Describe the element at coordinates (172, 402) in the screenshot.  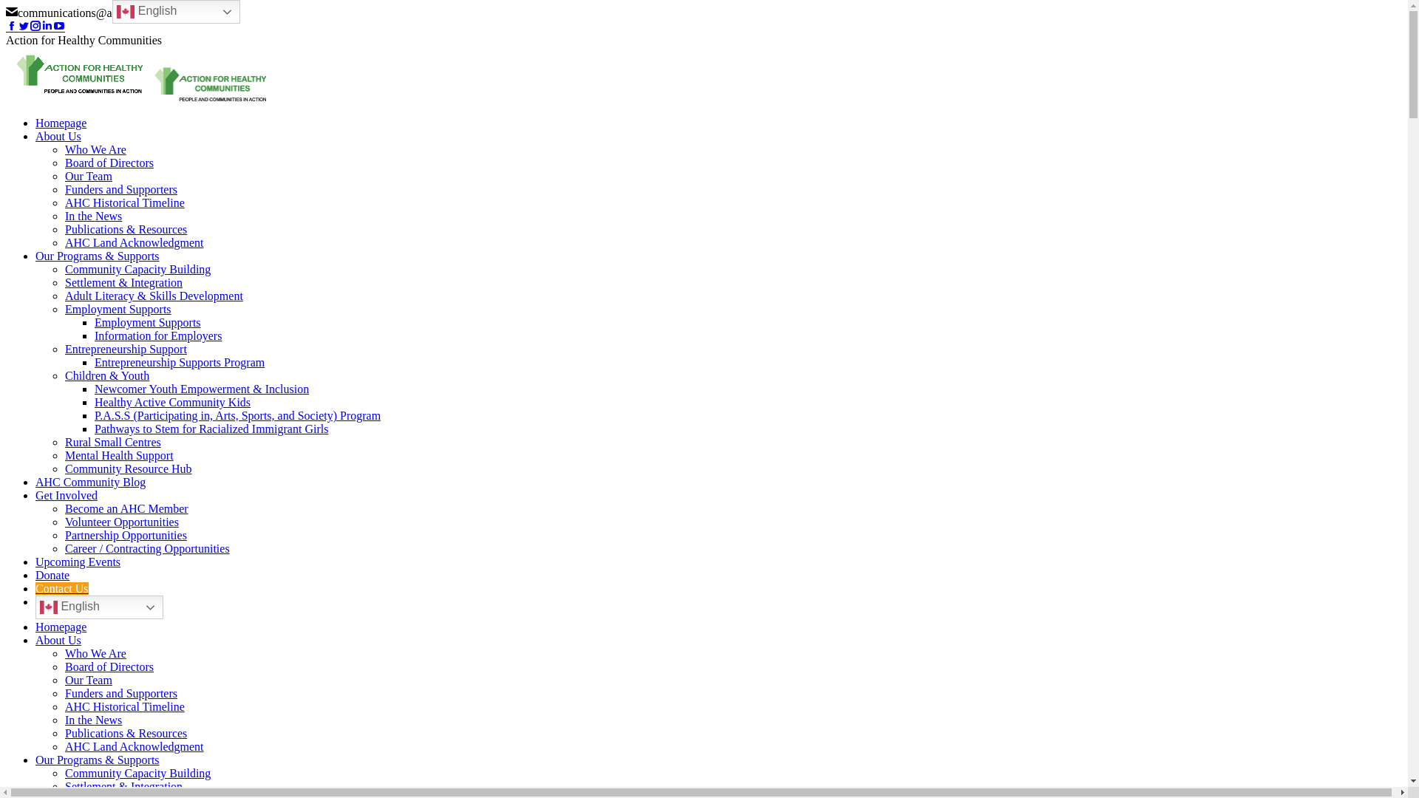
I see `'Healthy Active Community Kids'` at that location.